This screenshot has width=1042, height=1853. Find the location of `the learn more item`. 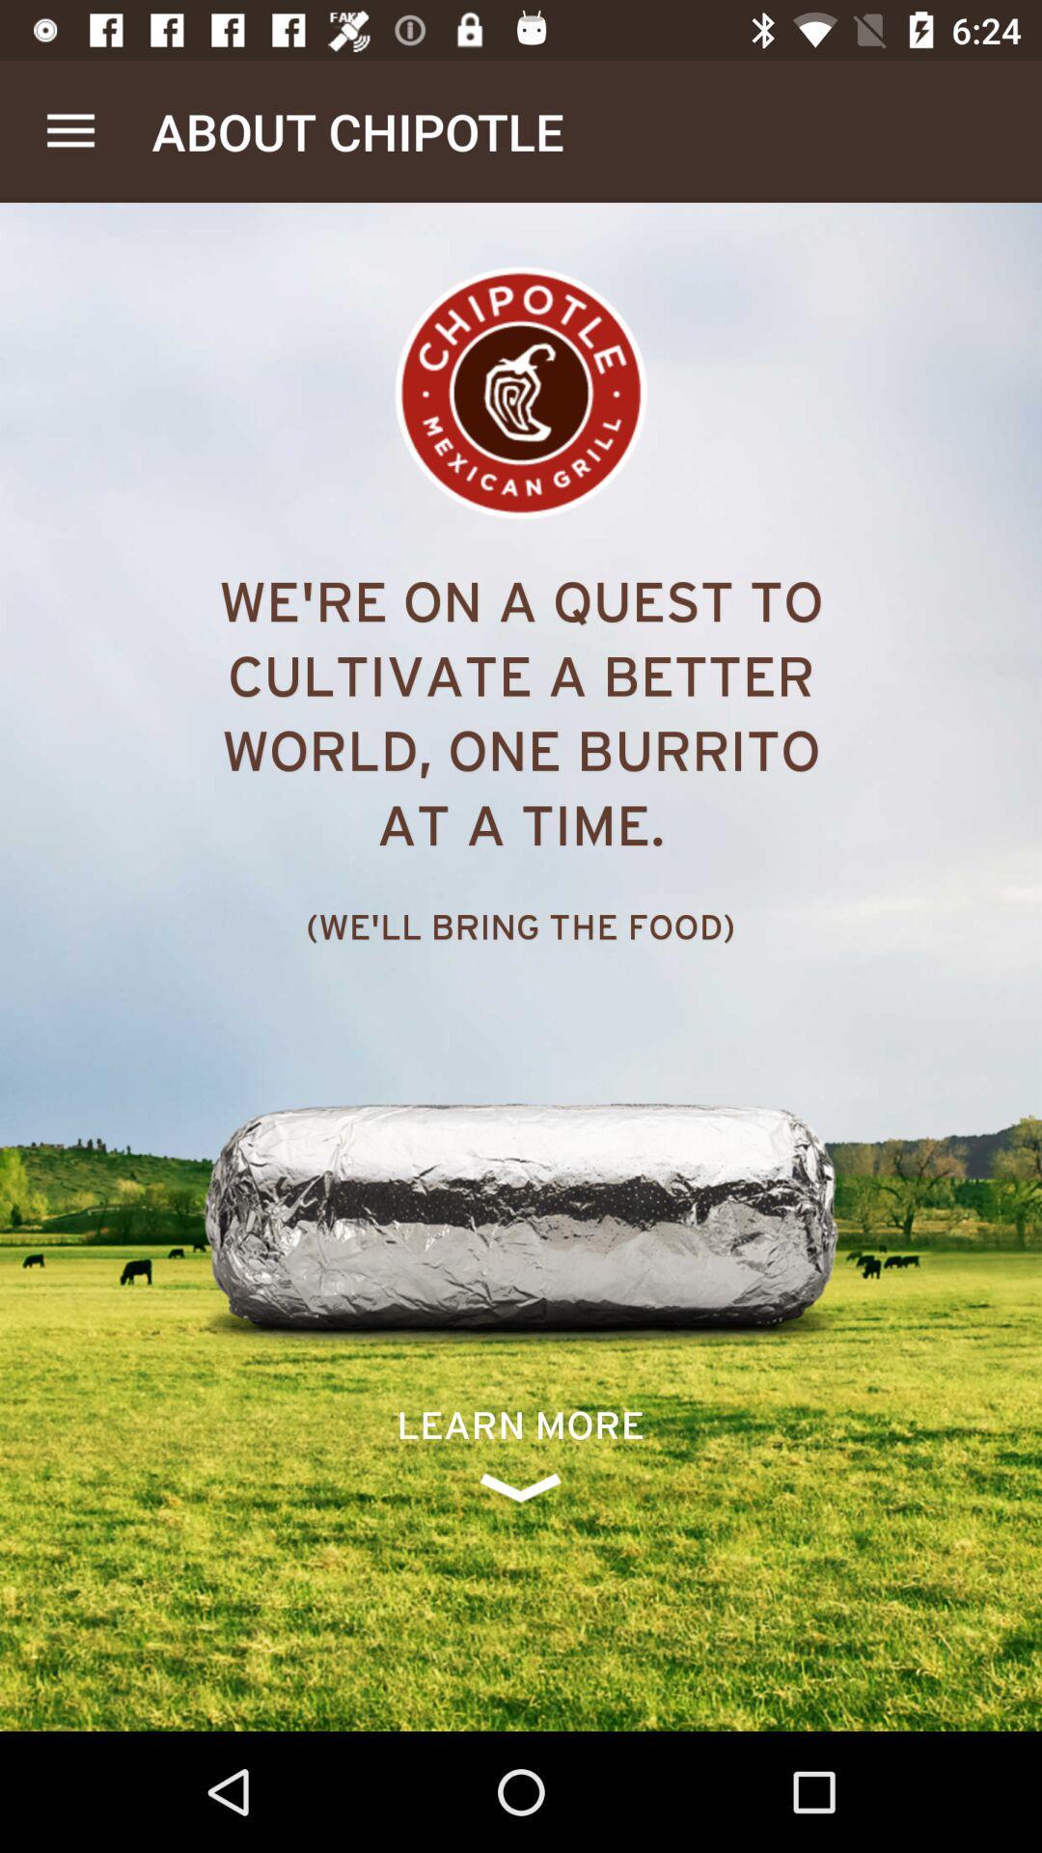

the learn more item is located at coordinates (519, 1452).